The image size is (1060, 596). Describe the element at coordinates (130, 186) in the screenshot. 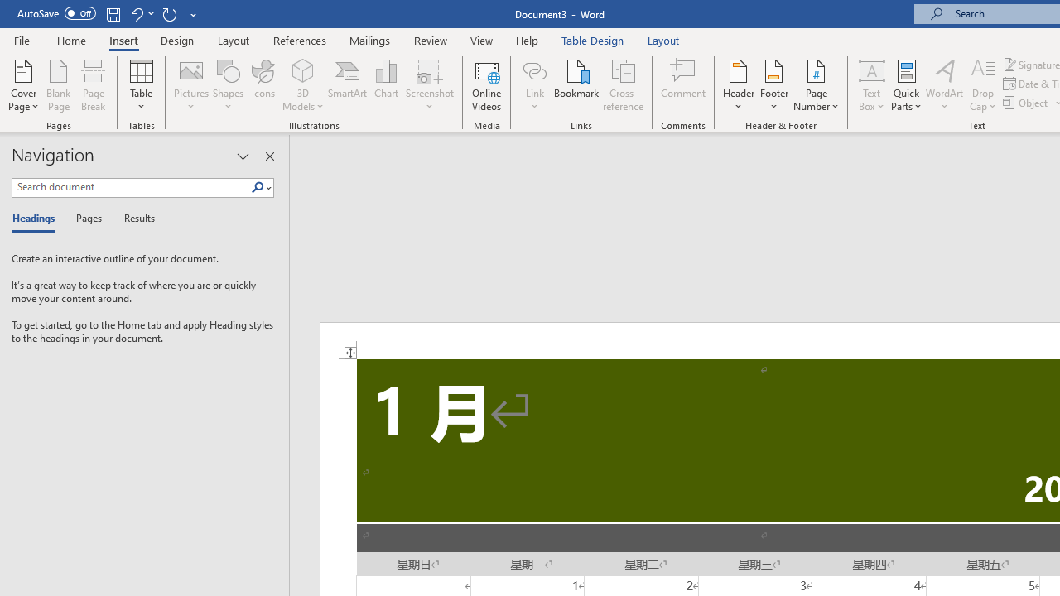

I see `'Search document'` at that location.